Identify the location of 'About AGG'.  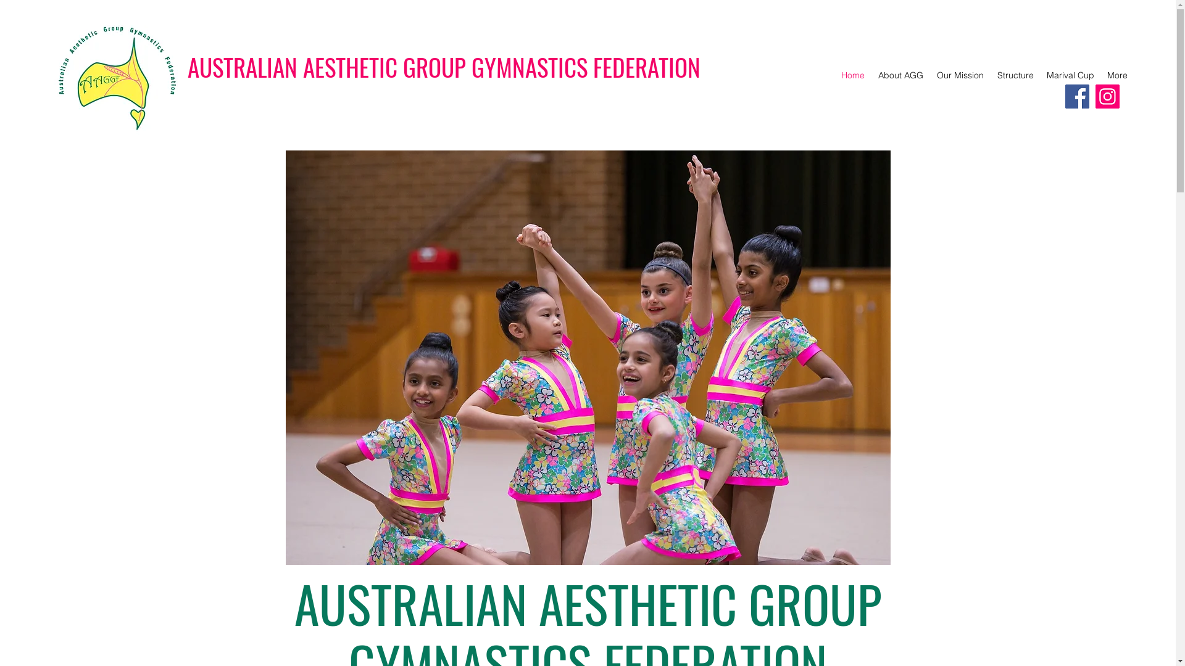
(900, 75).